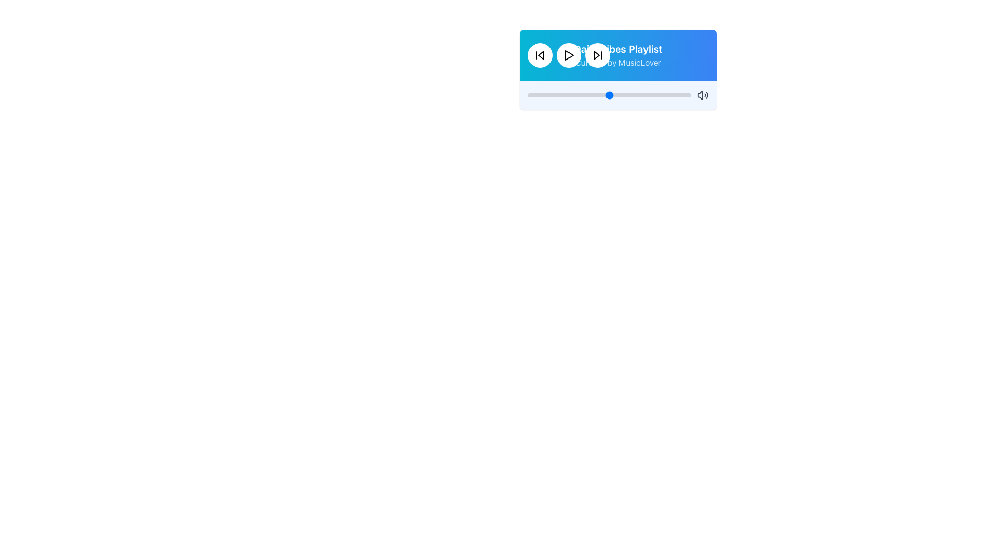 The width and height of the screenshot is (986, 554). Describe the element at coordinates (703, 95) in the screenshot. I see `the speaker icon with sound waves in the music player interface` at that location.